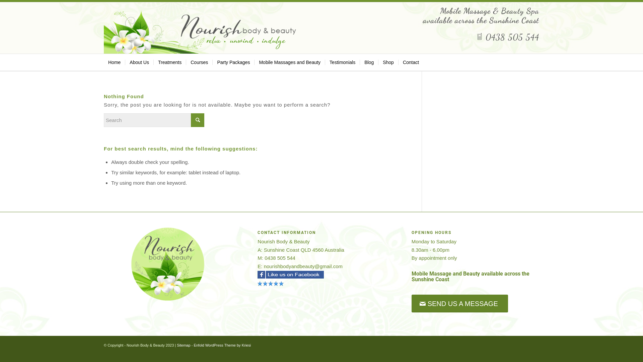 The width and height of the screenshot is (643, 362). I want to click on '5.0 of 5 stars', so click(257, 284).